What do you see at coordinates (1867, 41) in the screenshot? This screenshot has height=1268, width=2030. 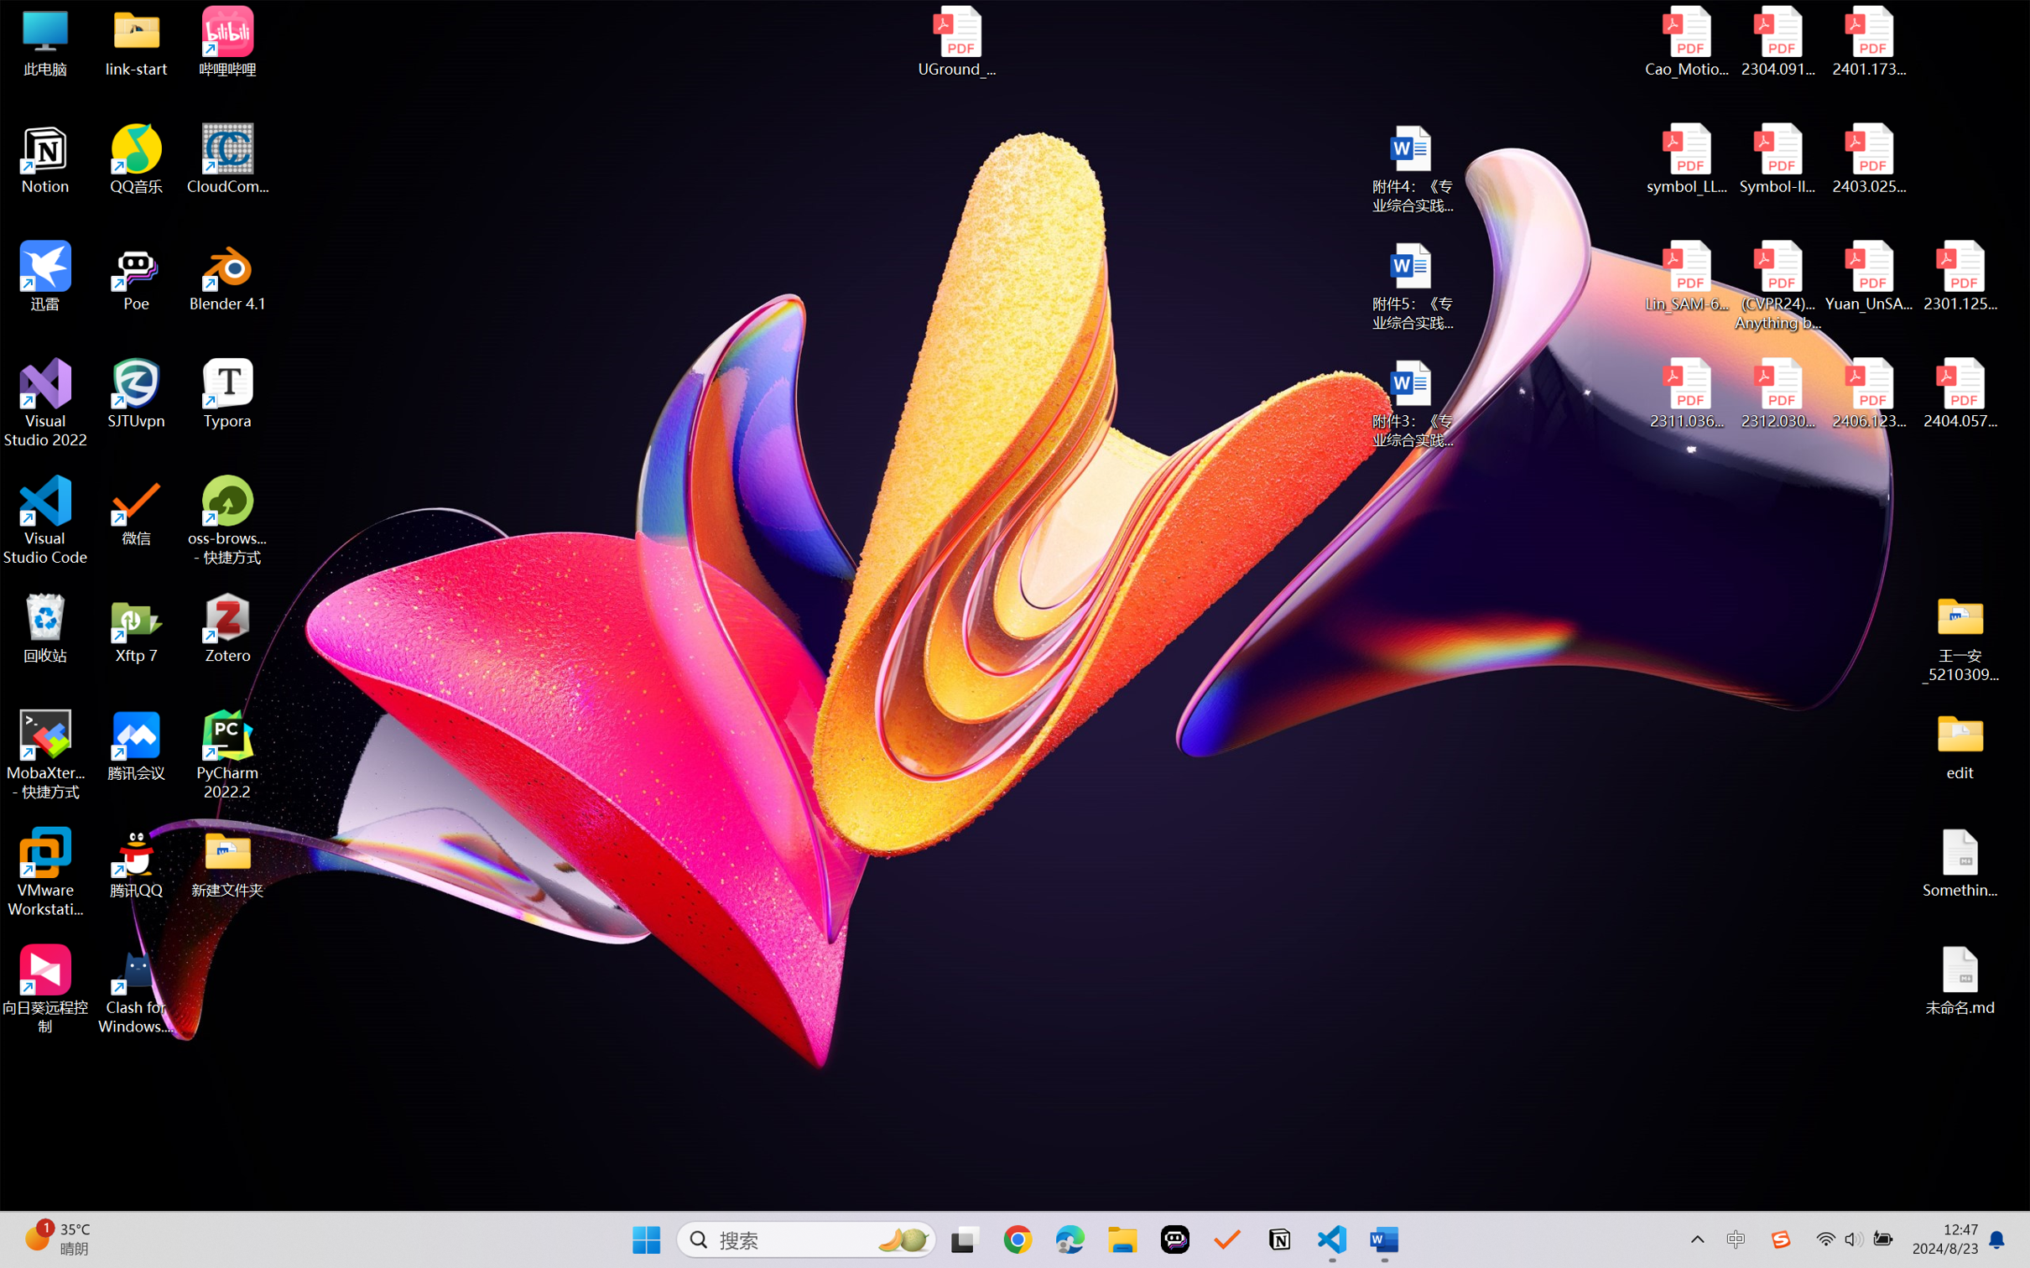 I see `'2401.17399v1.pdf'` at bounding box center [1867, 41].